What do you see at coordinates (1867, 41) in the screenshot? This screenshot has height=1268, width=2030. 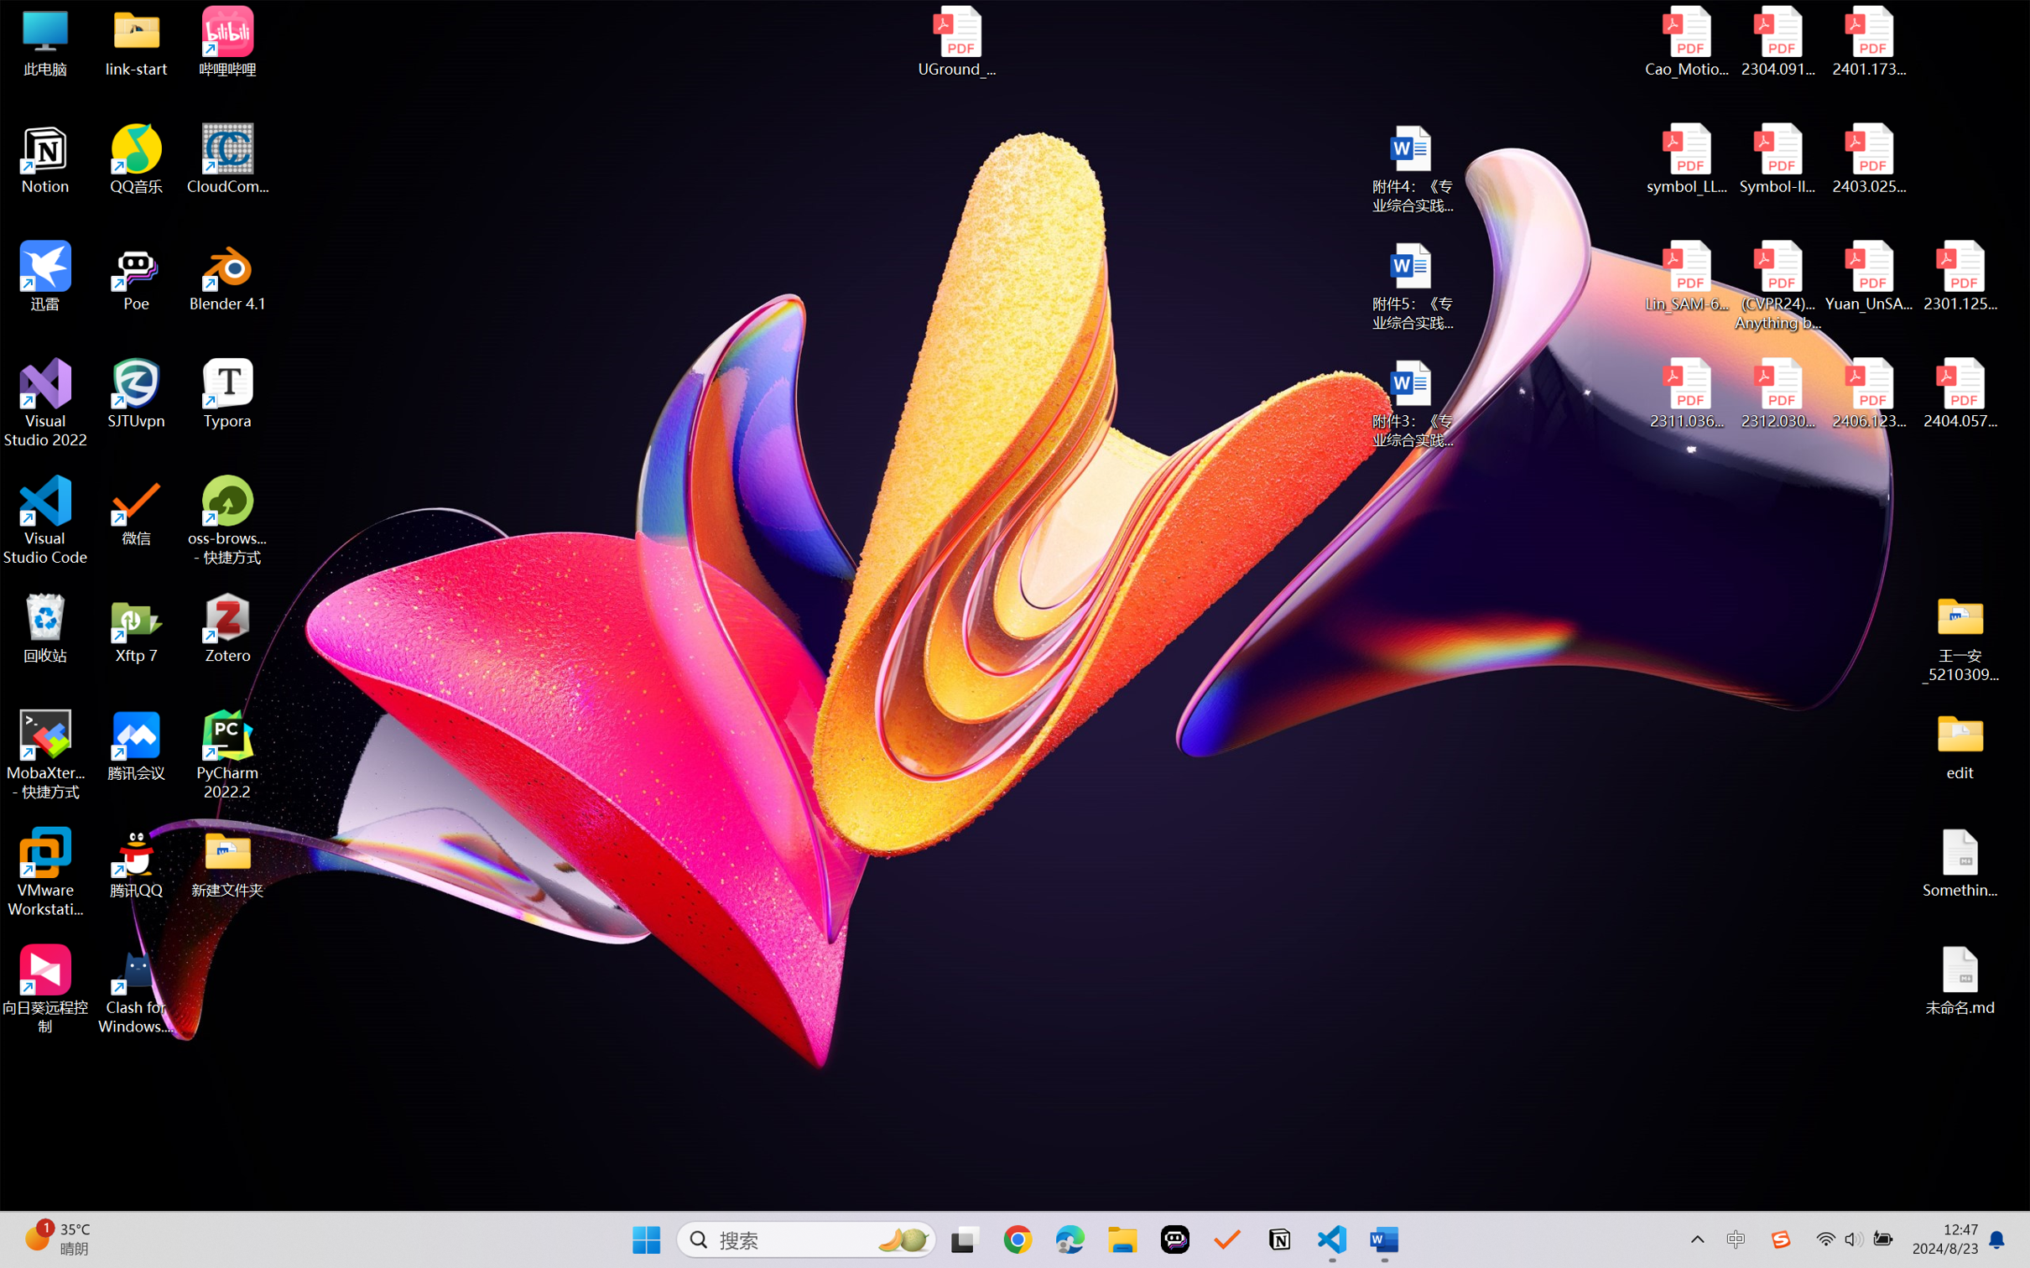 I see `'2401.17399v1.pdf'` at bounding box center [1867, 41].